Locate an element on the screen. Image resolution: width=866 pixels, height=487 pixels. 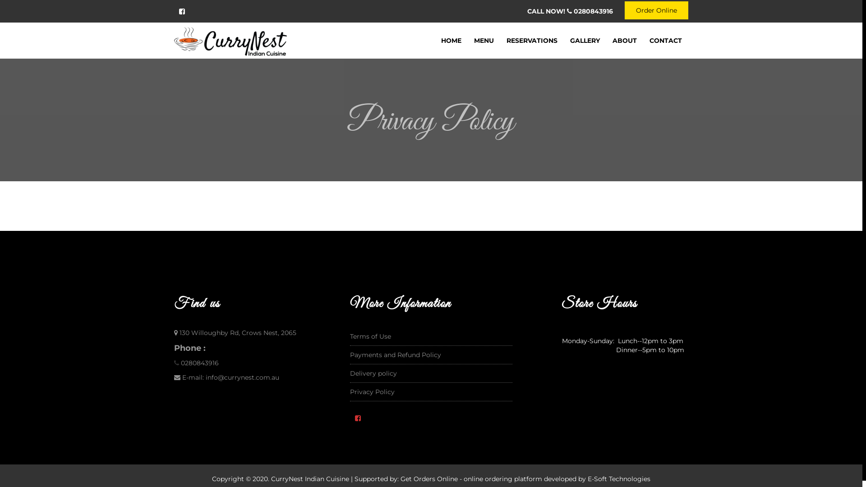
'CALL NOW! 0280843916' is located at coordinates (569, 11).